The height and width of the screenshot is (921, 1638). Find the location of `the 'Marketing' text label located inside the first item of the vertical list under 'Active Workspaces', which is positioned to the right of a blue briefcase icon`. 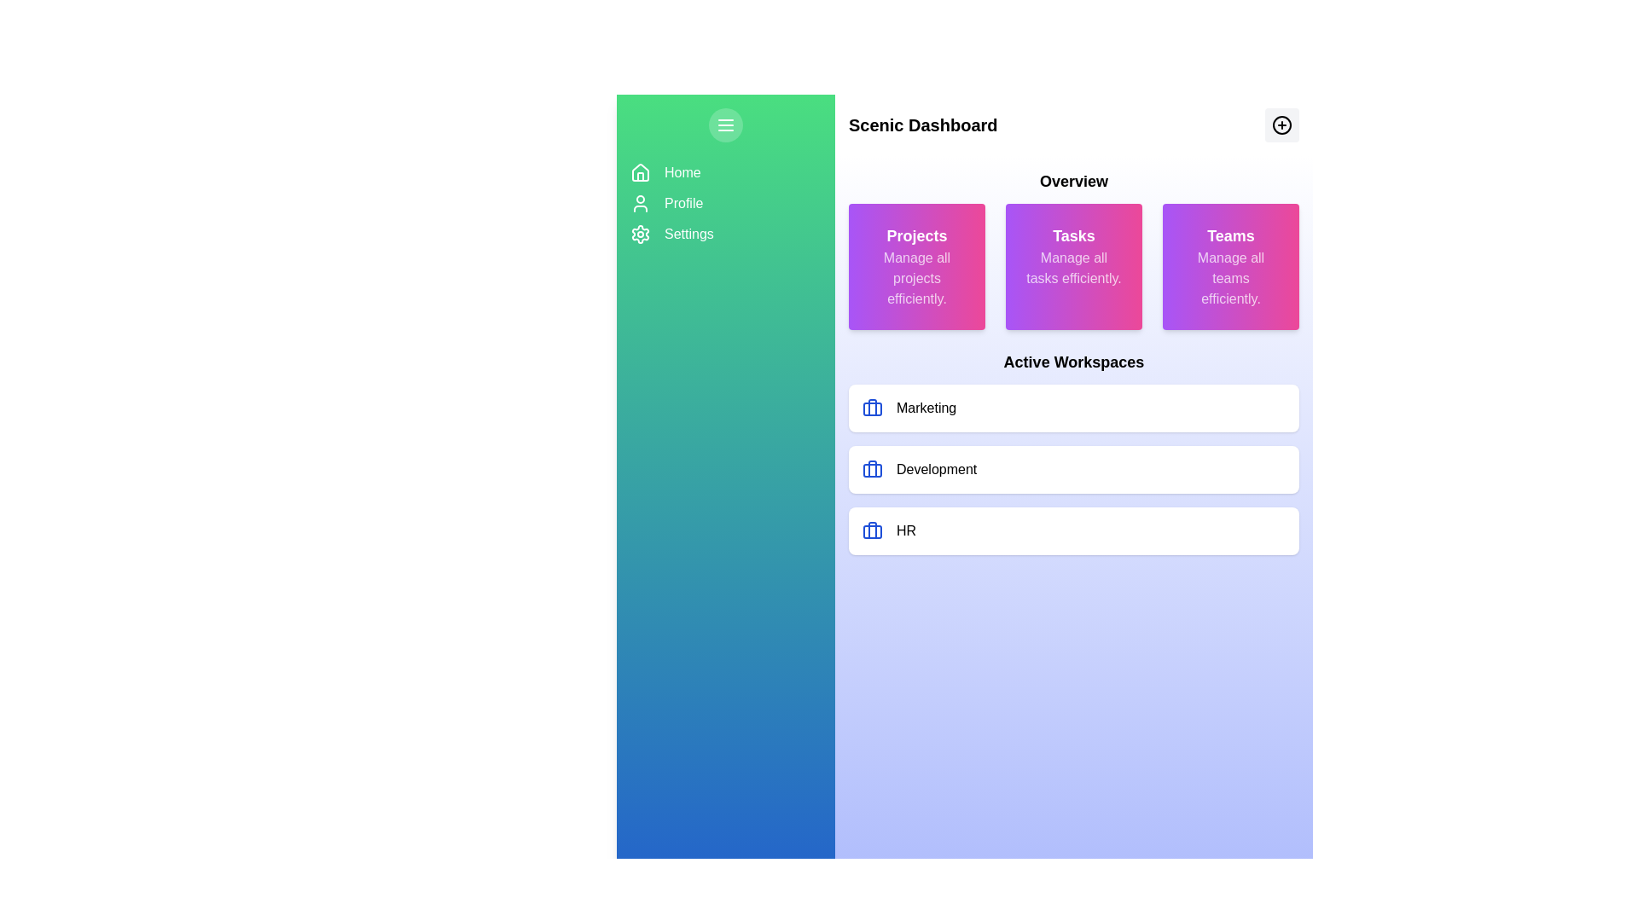

the 'Marketing' text label located inside the first item of the vertical list under 'Active Workspaces', which is positioned to the right of a blue briefcase icon is located at coordinates (926, 408).